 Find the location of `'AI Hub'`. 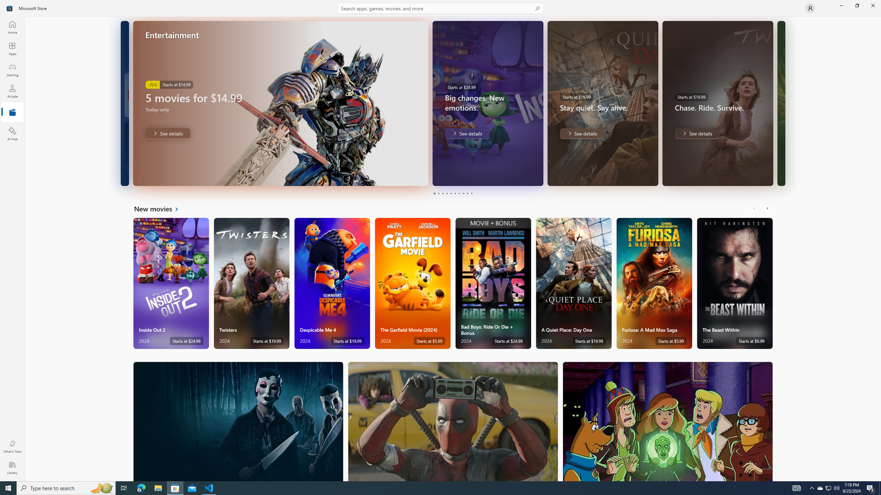

'AI Hub' is located at coordinates (12, 133).